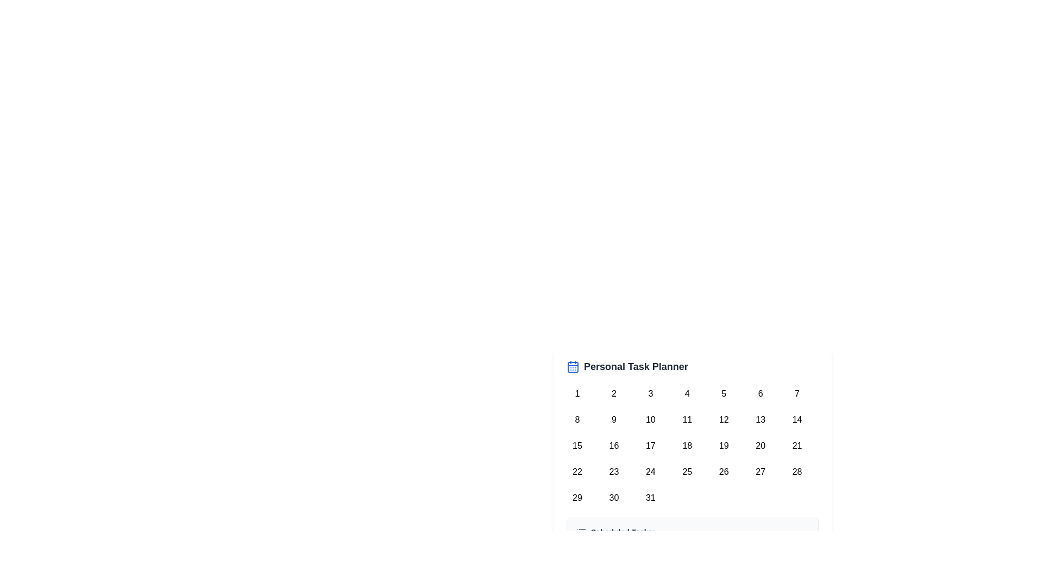 This screenshot has width=1043, height=586. I want to click on the 'Personal Task Planner' text label, which is a bold, large, dark gray text positioned to the right of a blue calendar icon in the top center of the calendar widget, so click(636, 366).